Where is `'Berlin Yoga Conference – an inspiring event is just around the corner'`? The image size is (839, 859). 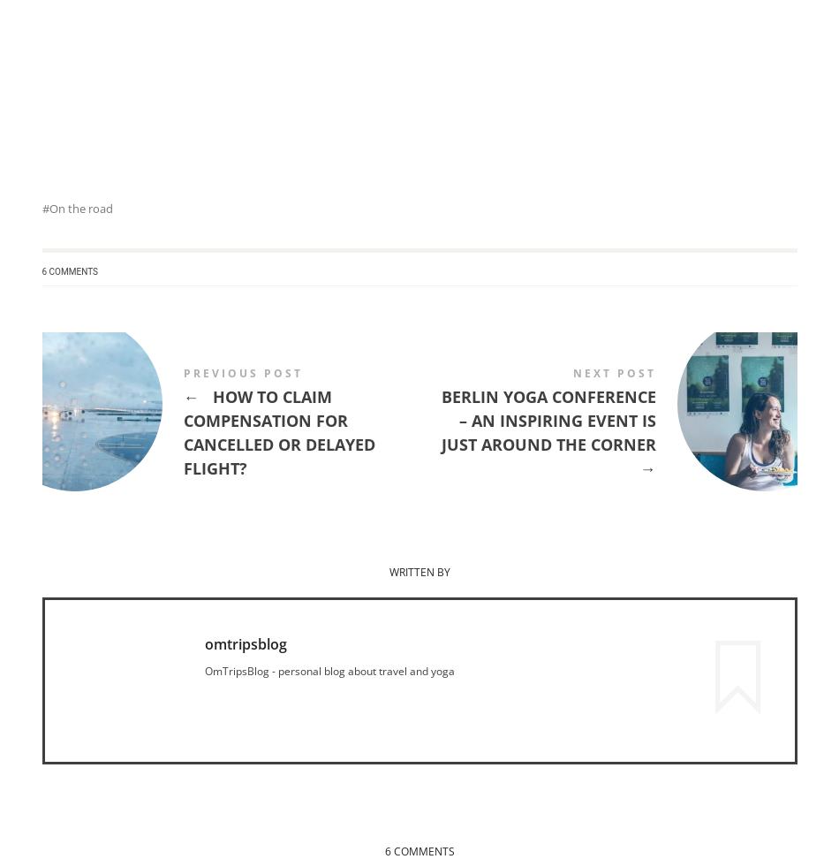 'Berlin Yoga Conference – an inspiring event is just around the corner' is located at coordinates (441, 419).